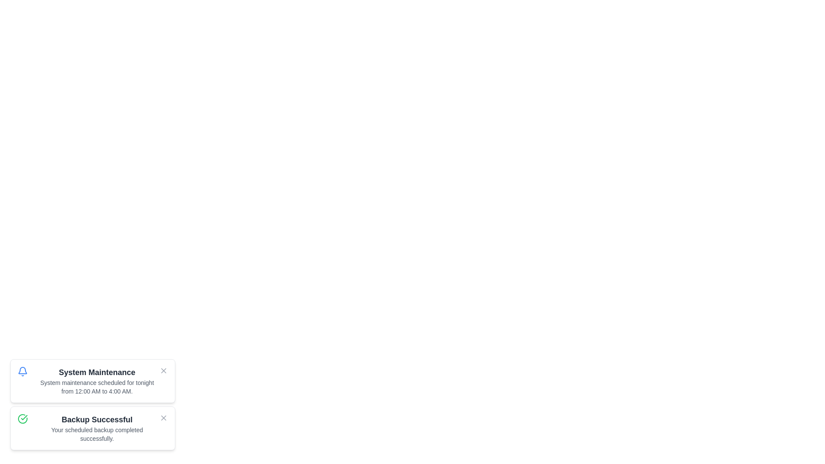 The image size is (825, 464). I want to click on the text element that informs the user about the scheduled system maintenance event, positioned directly underneath the 'System Maintenance' text in the notification card, so click(97, 387).